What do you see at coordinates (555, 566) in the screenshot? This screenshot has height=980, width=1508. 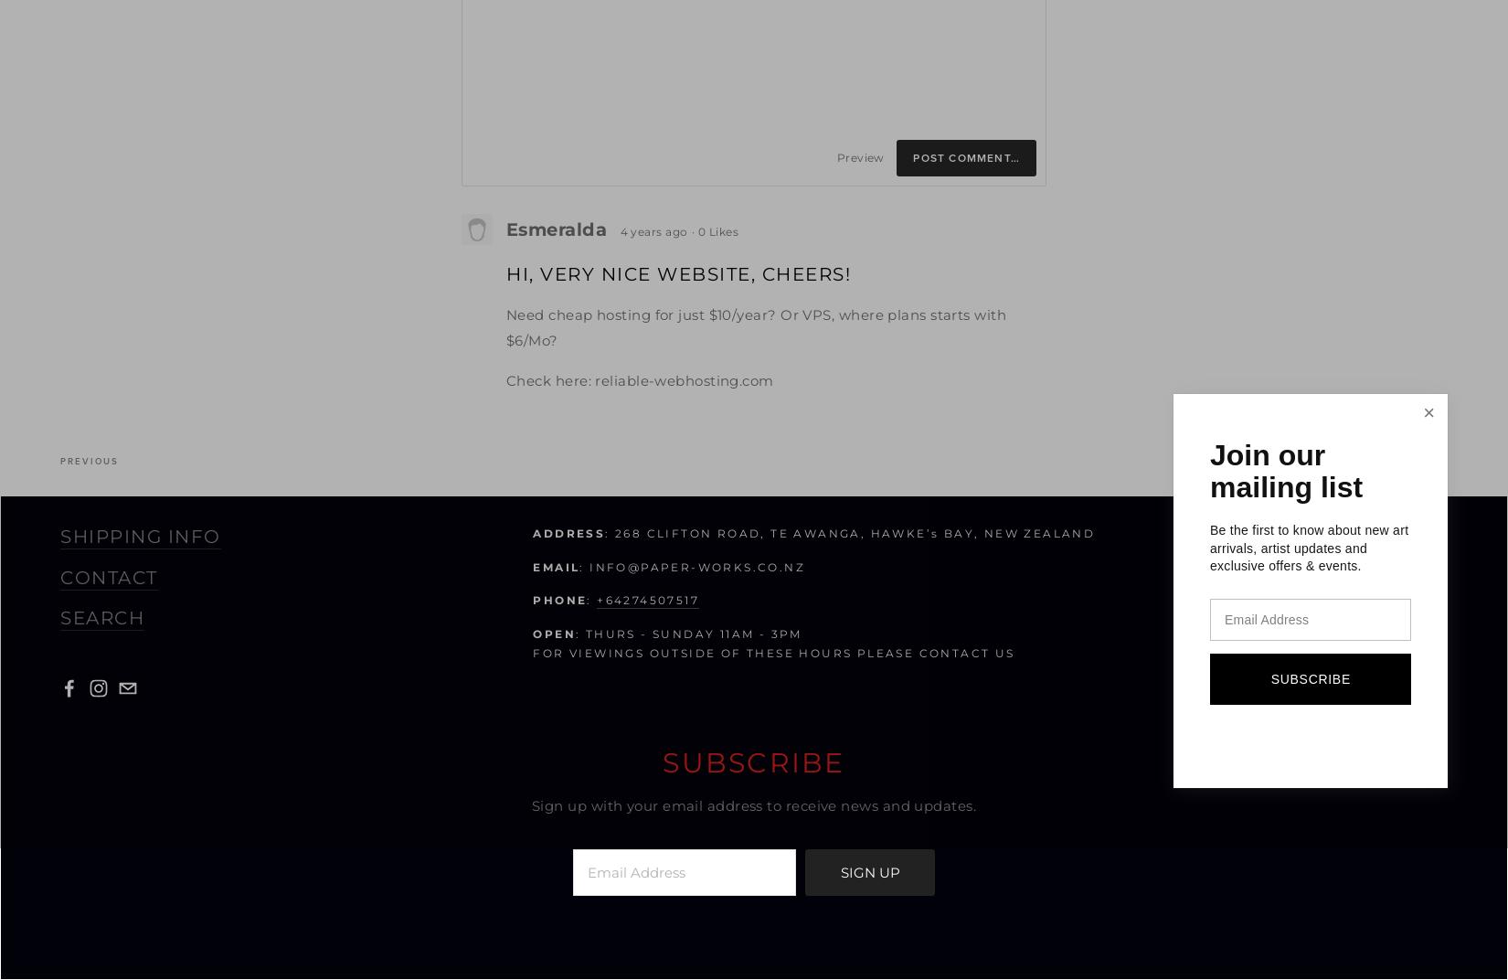 I see `'EMAIL'` at bounding box center [555, 566].